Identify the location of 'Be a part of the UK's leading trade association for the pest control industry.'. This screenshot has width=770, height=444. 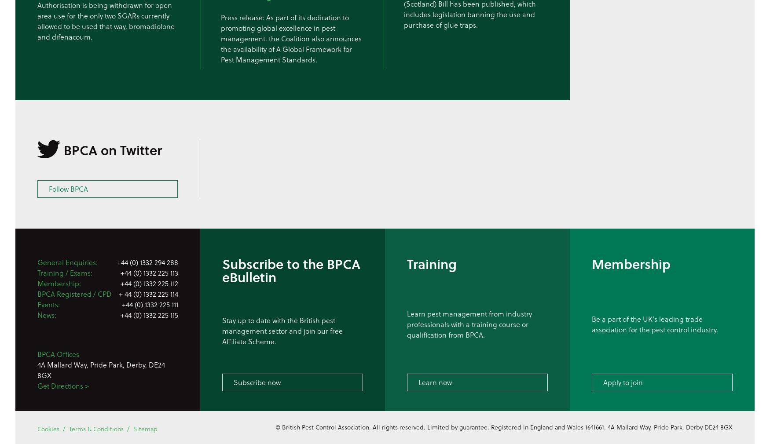
(655, 323).